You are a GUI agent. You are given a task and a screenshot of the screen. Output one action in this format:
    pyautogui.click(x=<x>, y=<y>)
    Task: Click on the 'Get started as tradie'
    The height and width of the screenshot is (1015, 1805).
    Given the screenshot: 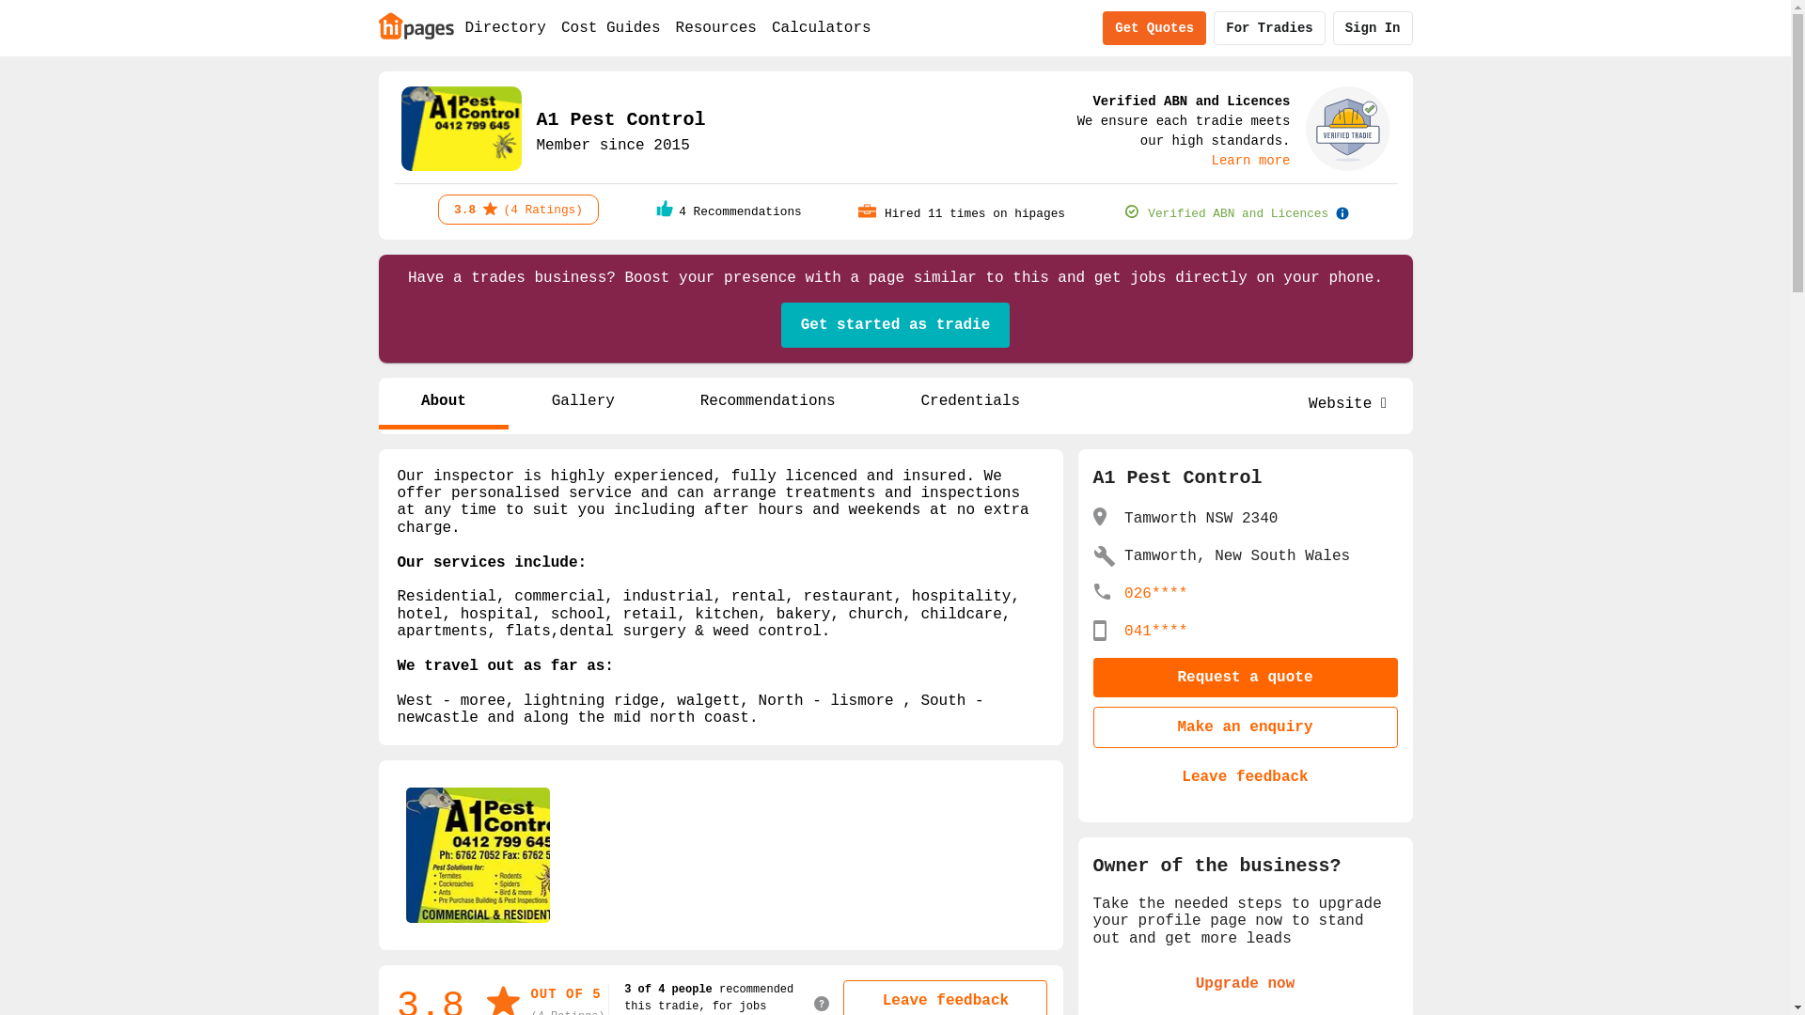 What is the action you would take?
    pyautogui.click(x=895, y=324)
    